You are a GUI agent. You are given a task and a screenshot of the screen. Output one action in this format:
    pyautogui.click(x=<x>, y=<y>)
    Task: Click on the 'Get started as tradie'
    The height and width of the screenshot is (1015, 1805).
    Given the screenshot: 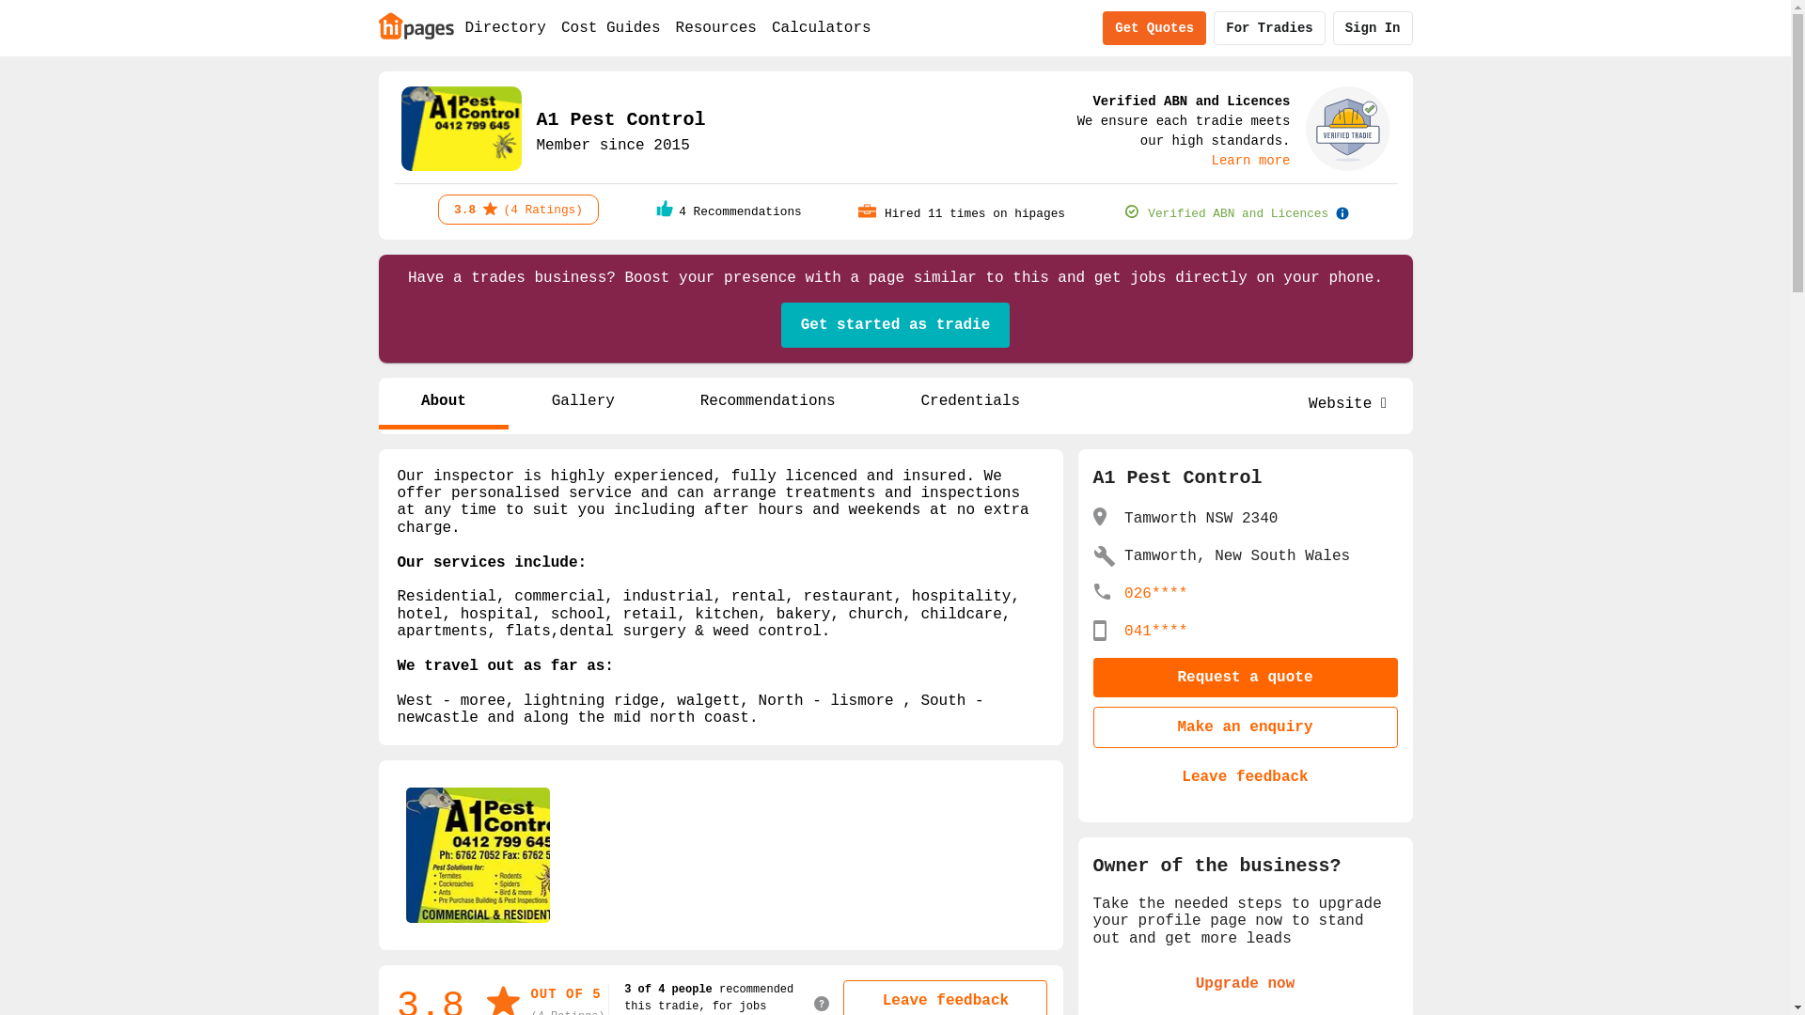 What is the action you would take?
    pyautogui.click(x=895, y=324)
    